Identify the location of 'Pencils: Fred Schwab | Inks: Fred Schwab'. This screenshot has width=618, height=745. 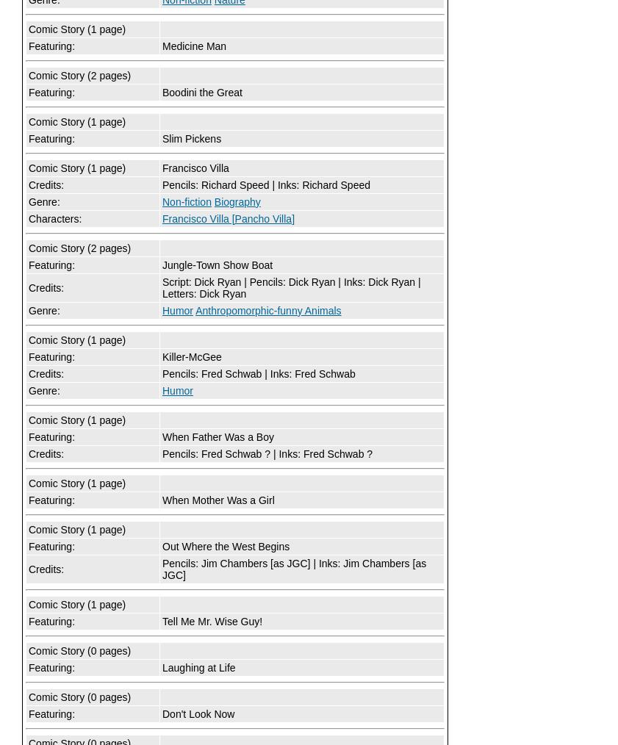
(257, 373).